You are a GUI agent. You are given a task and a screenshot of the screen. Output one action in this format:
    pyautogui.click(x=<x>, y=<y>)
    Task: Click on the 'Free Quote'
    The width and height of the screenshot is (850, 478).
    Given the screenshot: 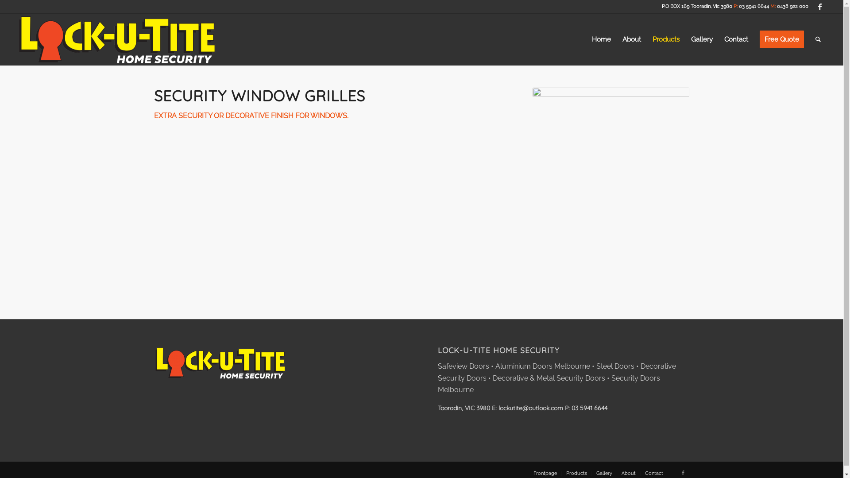 What is the action you would take?
    pyautogui.click(x=782, y=39)
    